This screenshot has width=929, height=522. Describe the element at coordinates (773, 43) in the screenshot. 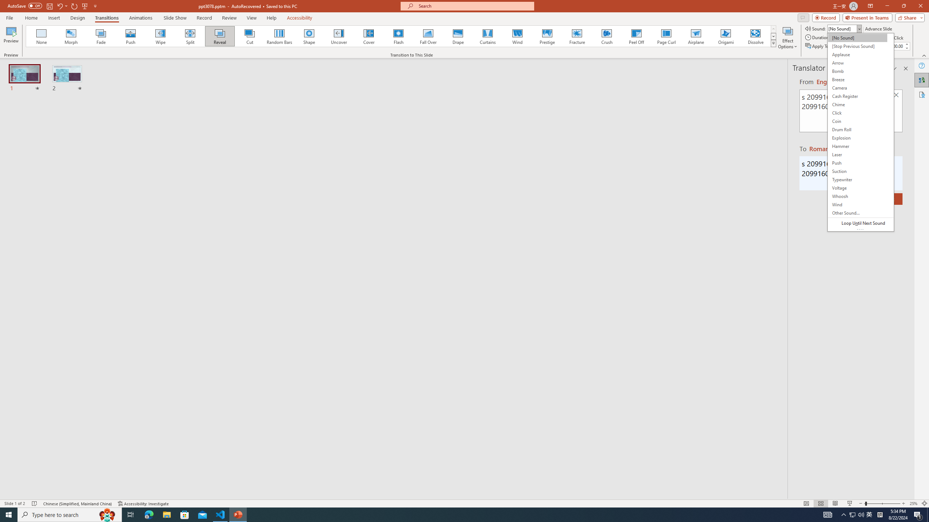

I see `'Transition Effects'` at that location.